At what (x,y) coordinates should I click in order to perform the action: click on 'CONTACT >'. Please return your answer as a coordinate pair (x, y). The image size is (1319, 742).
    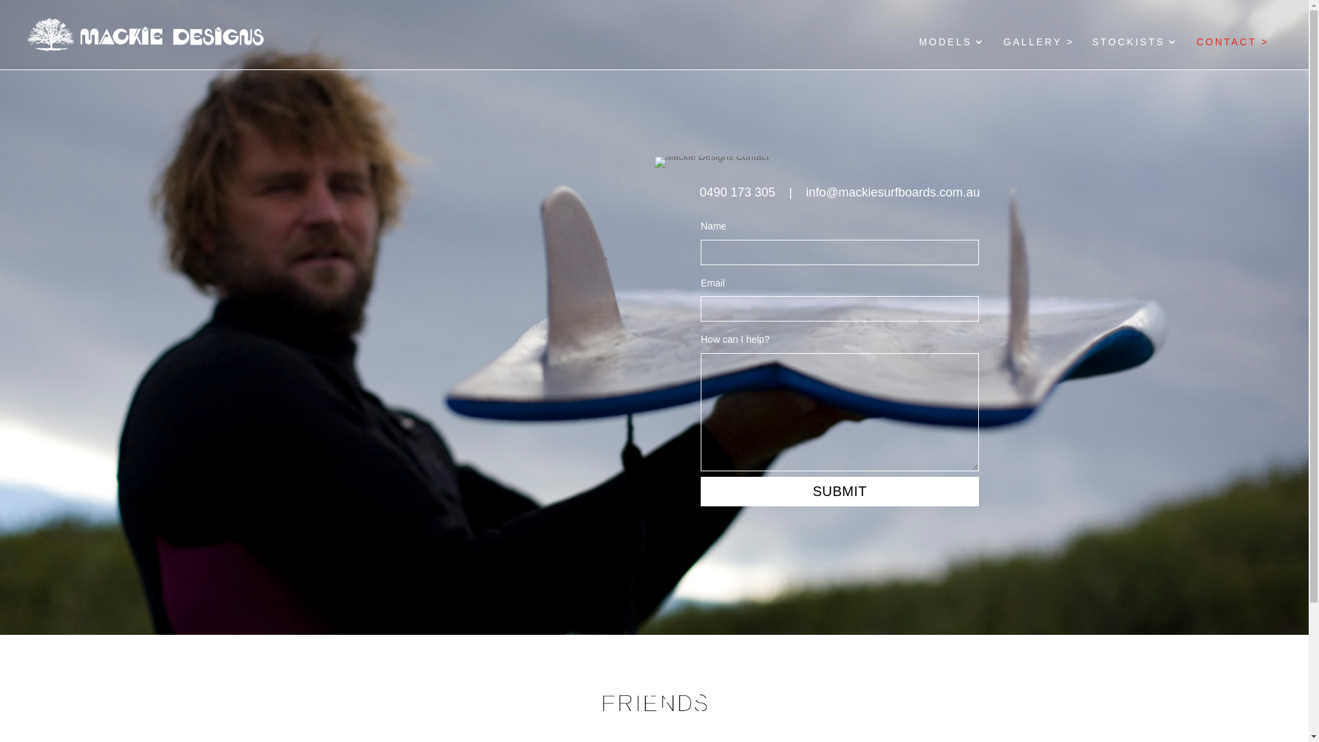
    Looking at the image, I should click on (1232, 52).